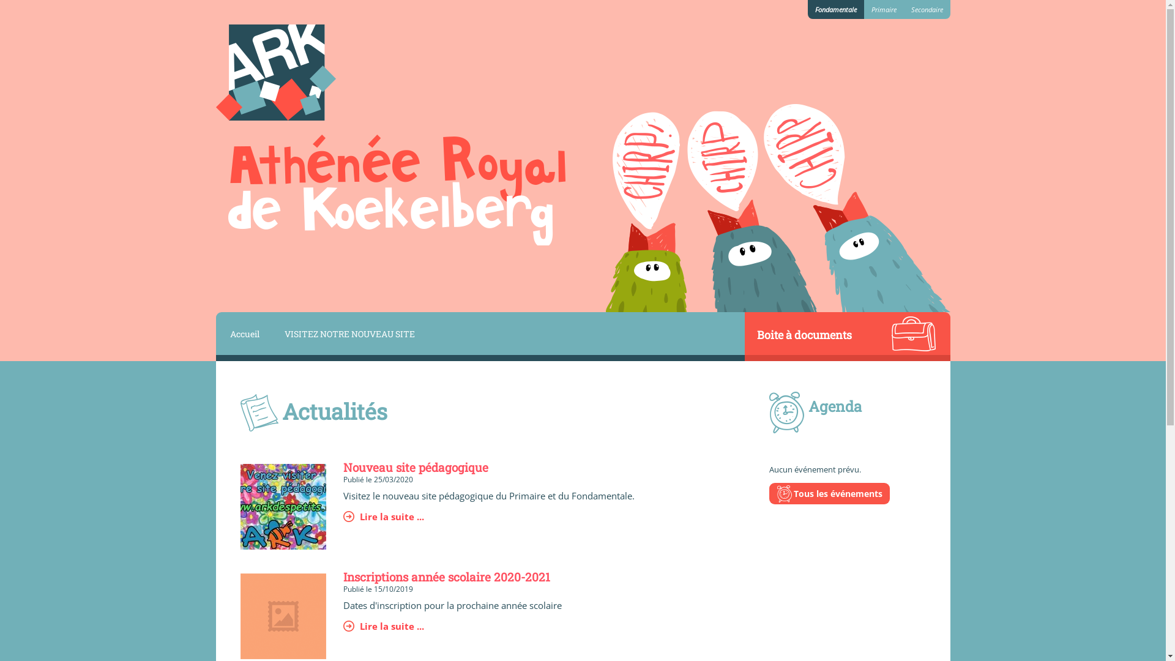 The height and width of the screenshot is (661, 1175). What do you see at coordinates (808, 406) in the screenshot?
I see `'Agenda'` at bounding box center [808, 406].